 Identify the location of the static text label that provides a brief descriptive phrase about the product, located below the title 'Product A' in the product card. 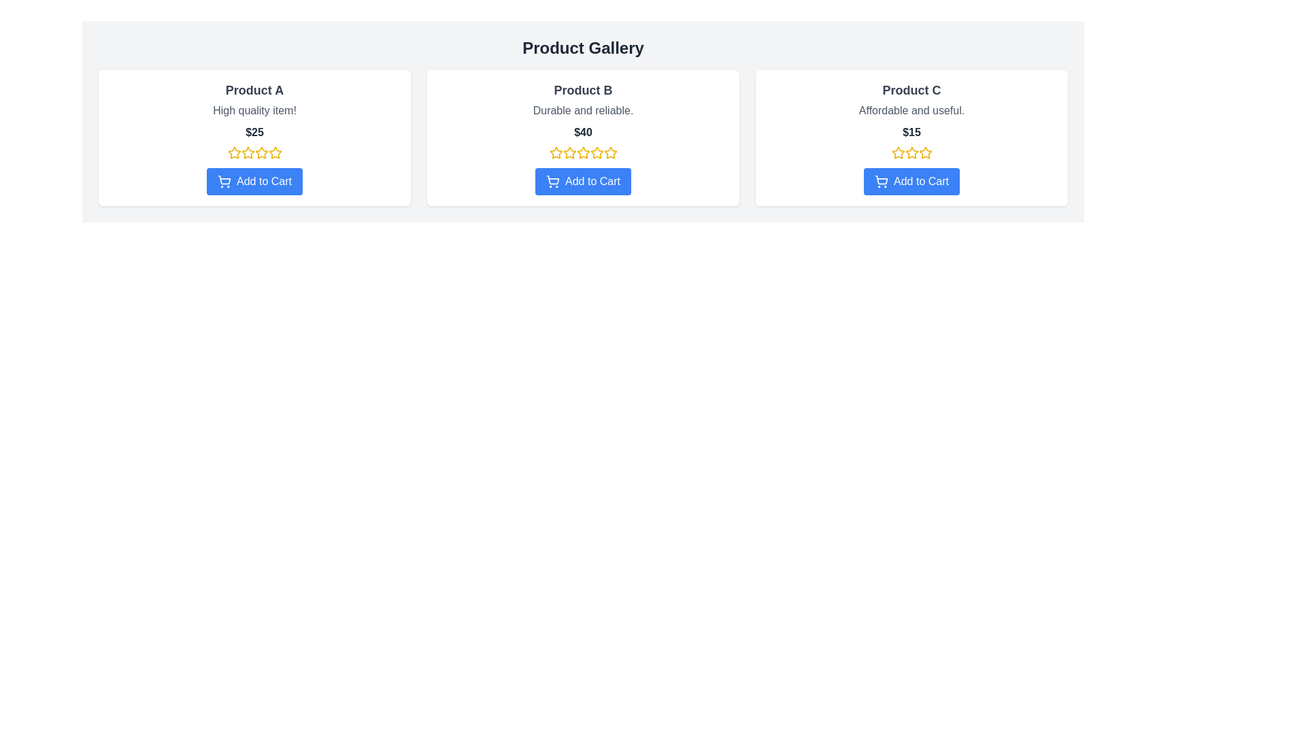
(254, 110).